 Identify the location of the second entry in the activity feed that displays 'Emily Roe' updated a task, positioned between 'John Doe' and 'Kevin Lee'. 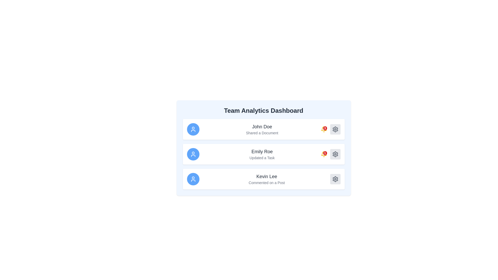
(264, 148).